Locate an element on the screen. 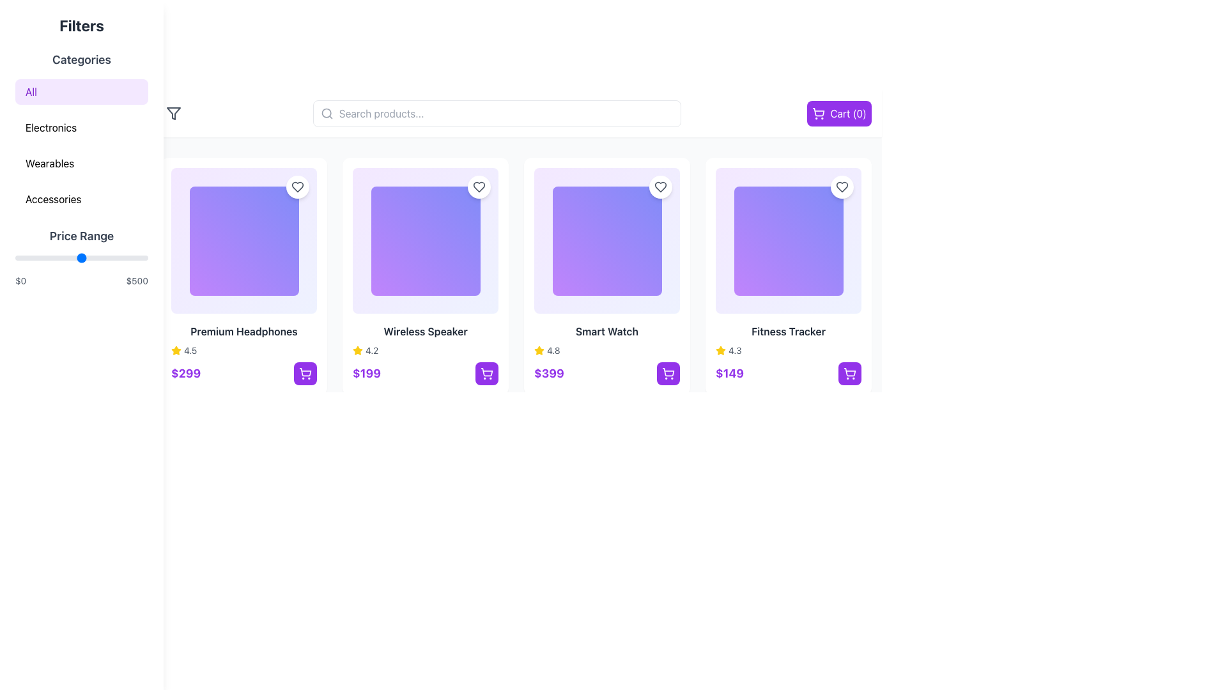 Image resolution: width=1227 pixels, height=690 pixels. the yellow five-pointed star icon located below the product image and adjacent to the product title of 'Premium Headphones' is located at coordinates (175, 350).